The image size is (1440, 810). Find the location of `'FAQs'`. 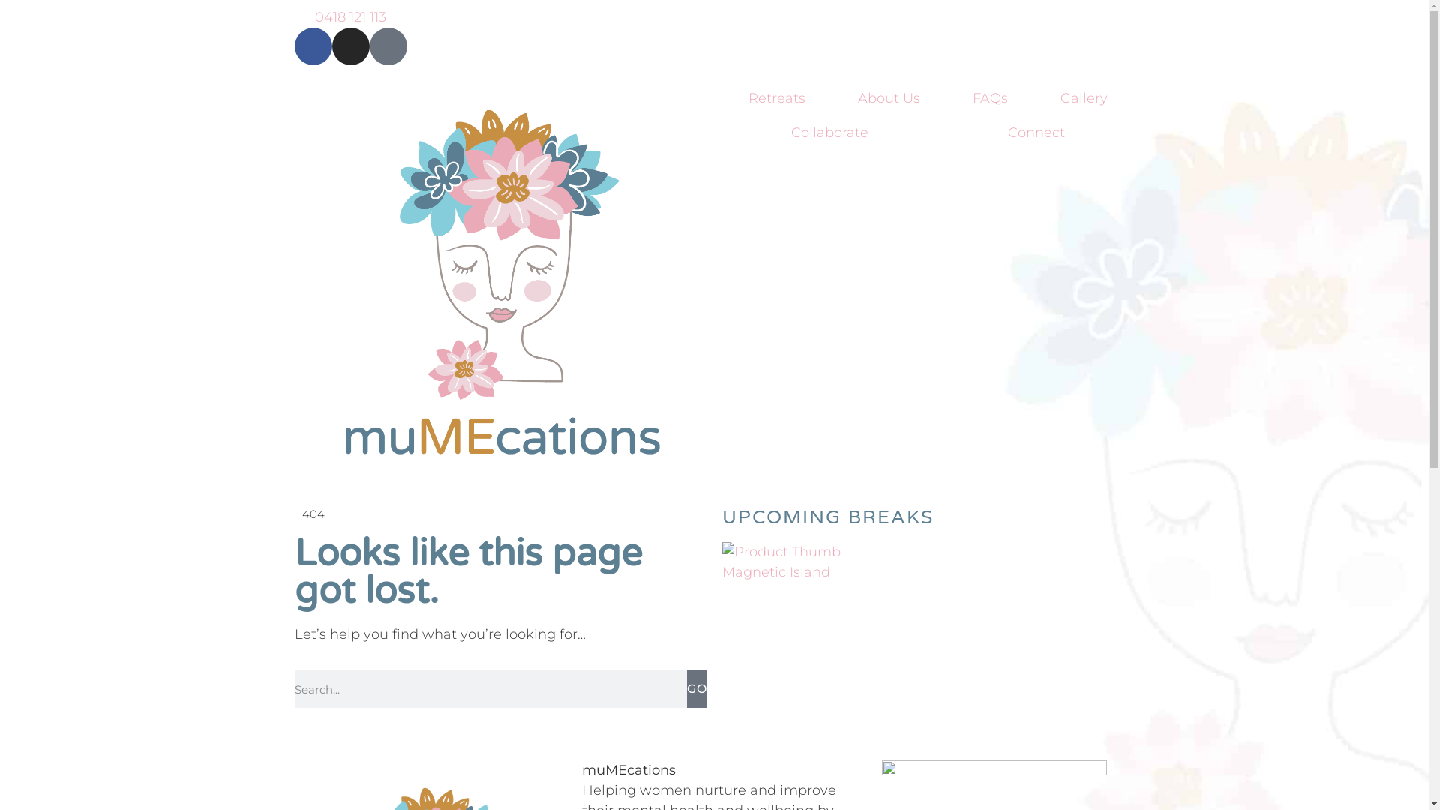

'FAQs' is located at coordinates (990, 98).